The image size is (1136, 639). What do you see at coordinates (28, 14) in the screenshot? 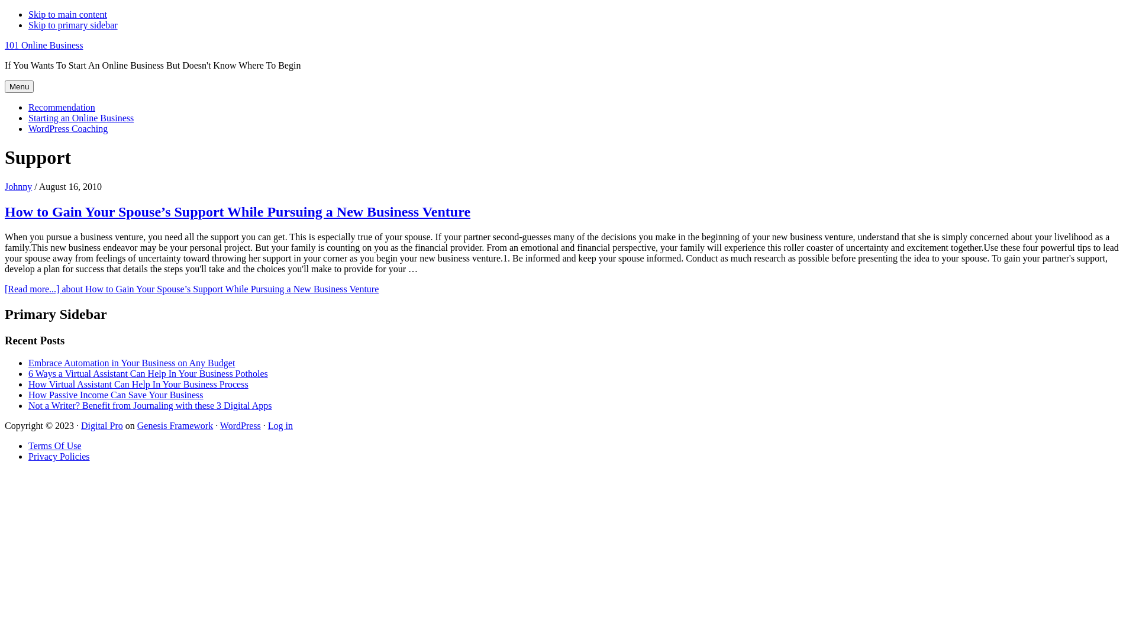
I see `'Skip to main content'` at bounding box center [28, 14].